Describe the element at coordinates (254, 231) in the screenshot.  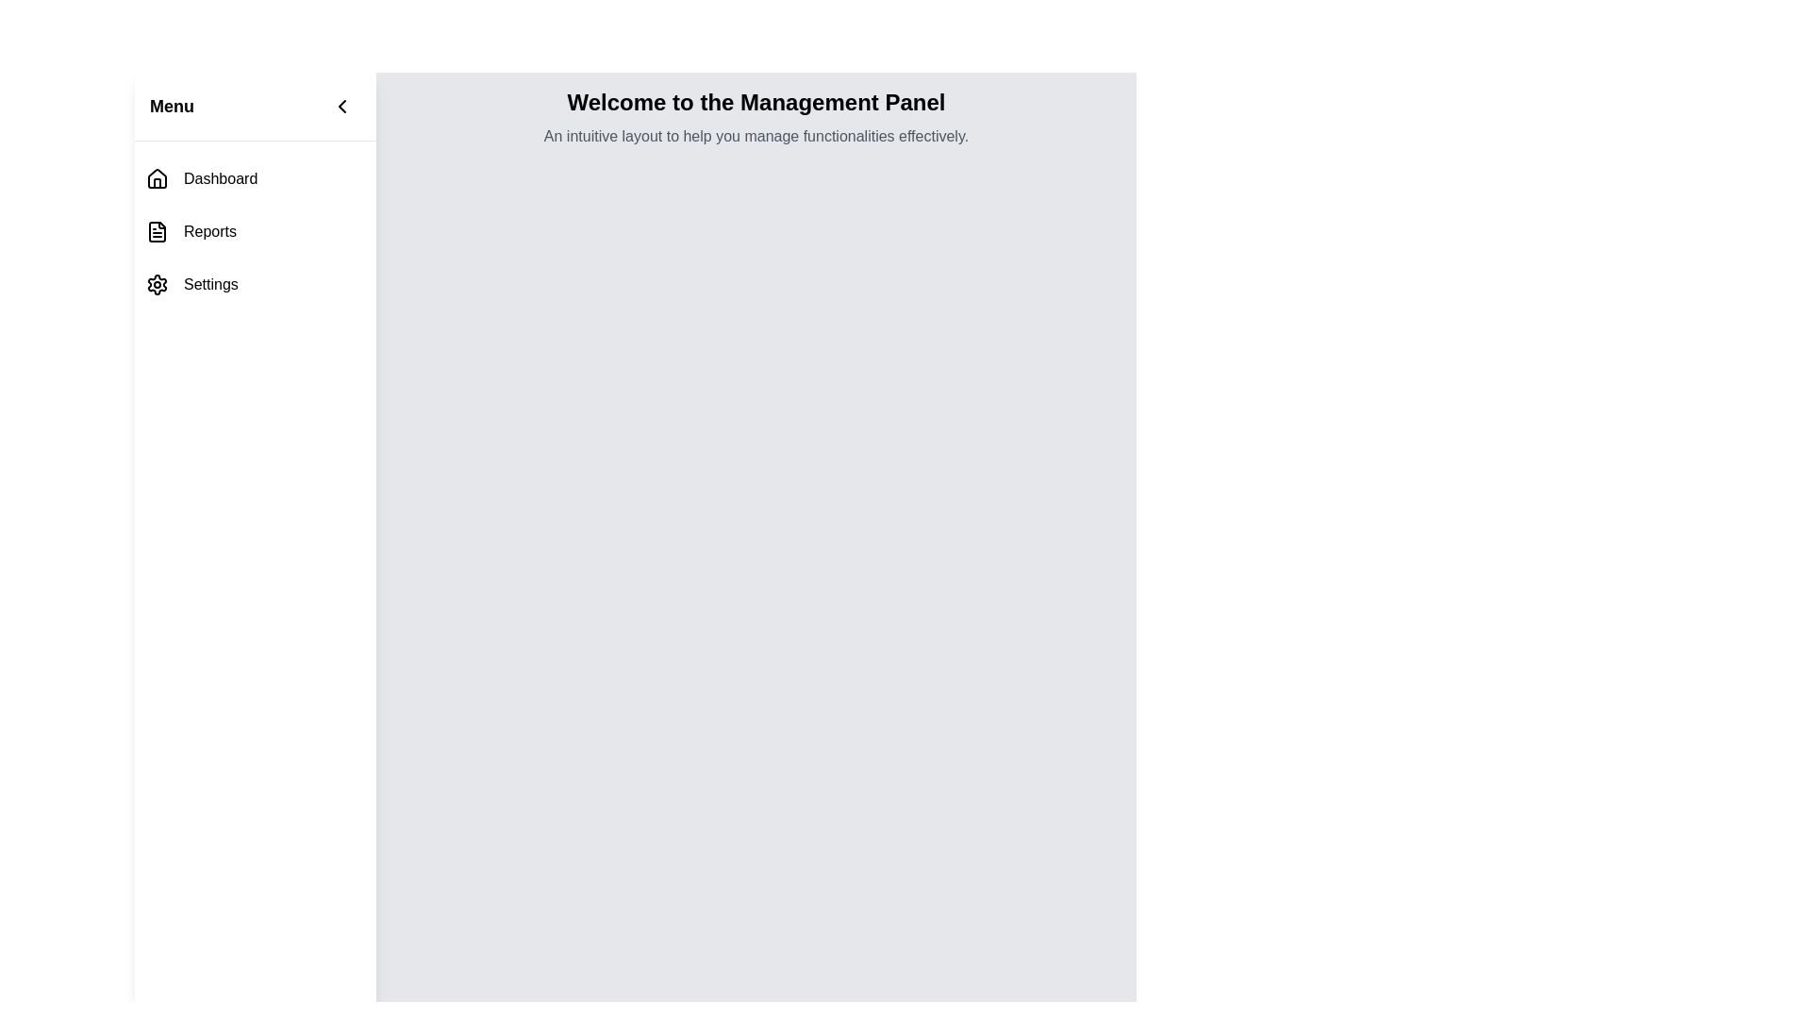
I see `the navigational menu item labeled 'Reports', which is the second item in the vertical navigation menu` at that location.